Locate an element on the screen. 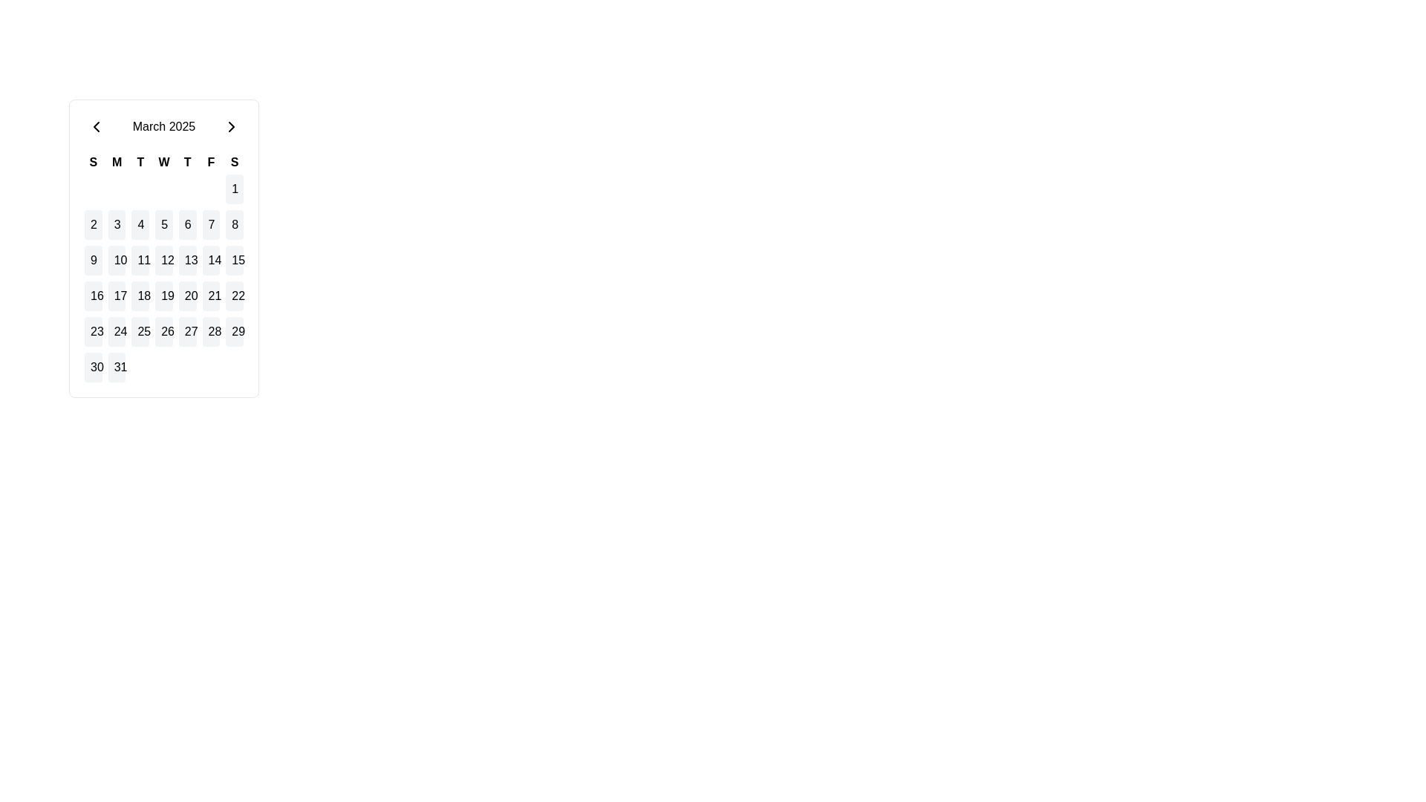 The image size is (1426, 802). the interactive calendar day cell displaying the number '6', which is located in the third row and sixth column of the grid layout is located at coordinates (186, 225).